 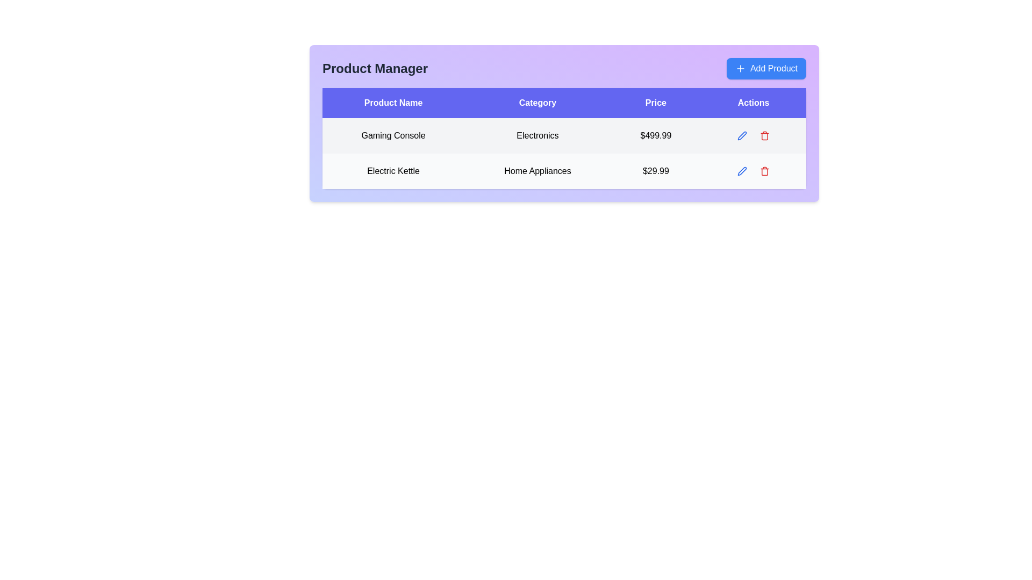 What do you see at coordinates (742, 171) in the screenshot?
I see `the pen icon in the 'Actions' column of the first row in the table, which represents an edit action for the associated item` at bounding box center [742, 171].